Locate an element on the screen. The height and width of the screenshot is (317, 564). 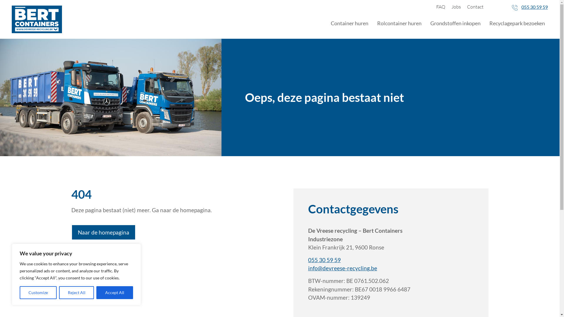
'FAQ' is located at coordinates (436, 7).